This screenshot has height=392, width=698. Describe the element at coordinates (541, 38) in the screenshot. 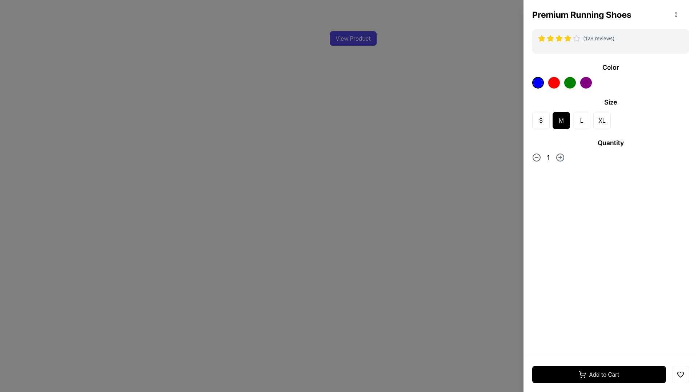

I see `the first yellow five-pointed star icon in the rating system located under the product title 'Premium Running Shoes'` at that location.